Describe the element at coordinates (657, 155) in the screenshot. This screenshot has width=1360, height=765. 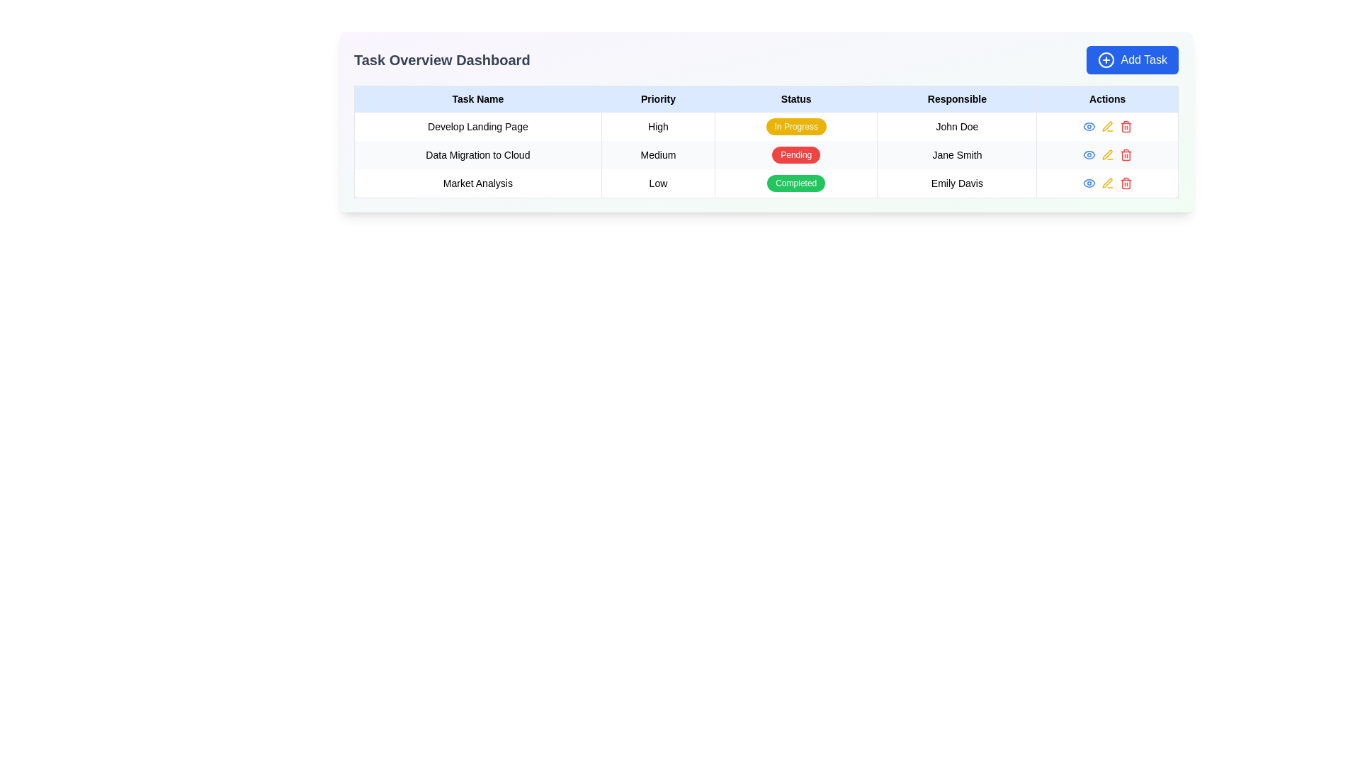
I see `the static display text label indicating the priority of the task 'Data Migration to Cloud', located in the second column of its row` at that location.